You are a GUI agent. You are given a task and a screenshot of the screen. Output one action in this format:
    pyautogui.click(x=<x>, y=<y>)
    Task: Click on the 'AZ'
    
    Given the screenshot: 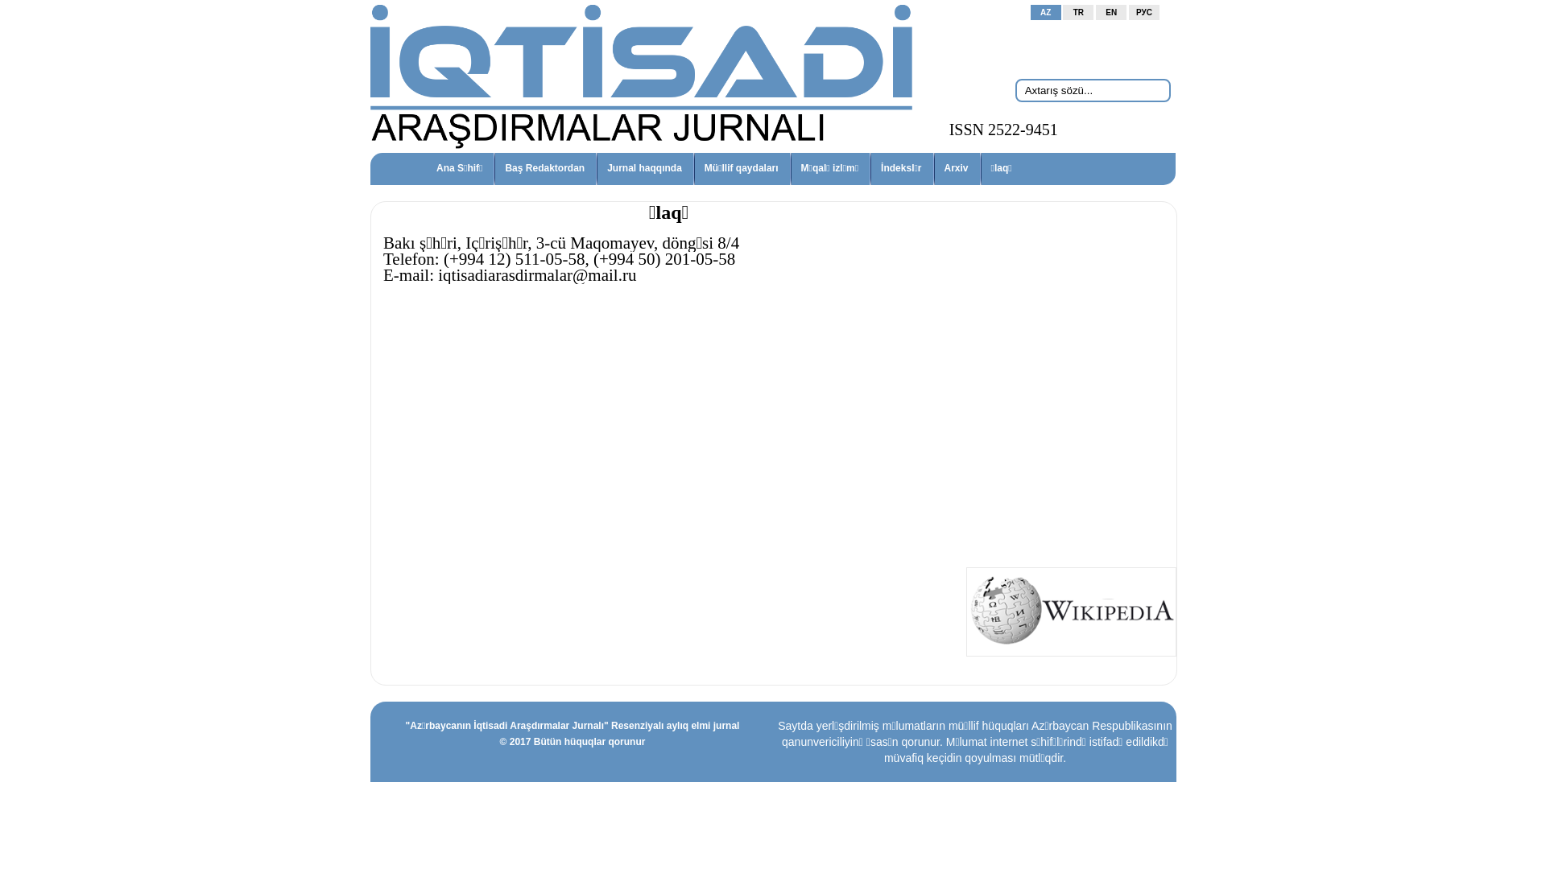 What is the action you would take?
    pyautogui.click(x=1046, y=12)
    